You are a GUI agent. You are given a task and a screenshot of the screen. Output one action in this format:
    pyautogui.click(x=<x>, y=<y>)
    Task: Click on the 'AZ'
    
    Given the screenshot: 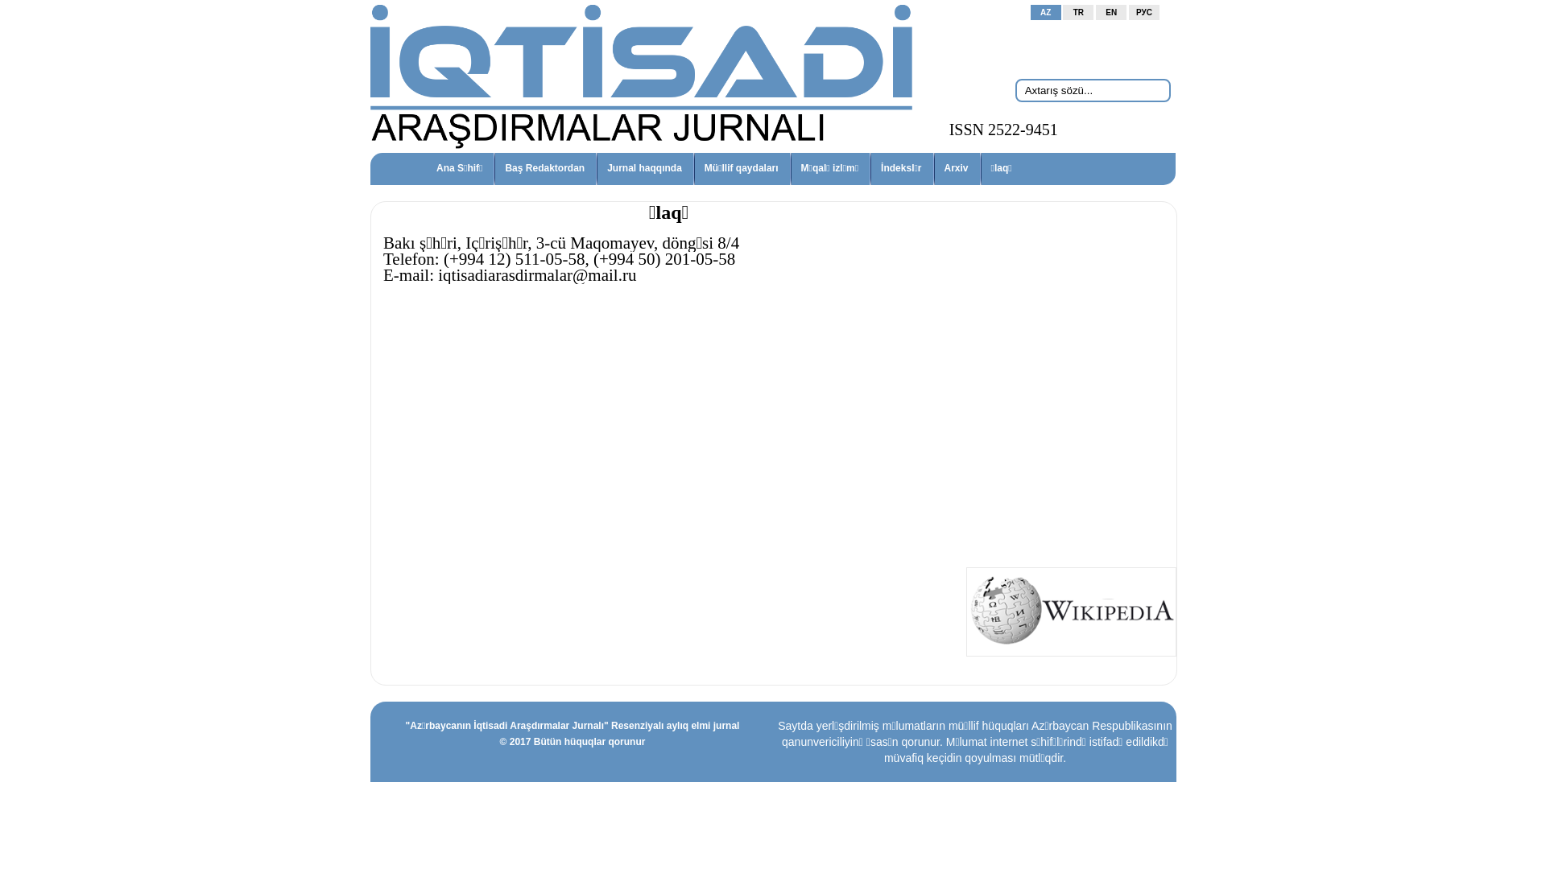 What is the action you would take?
    pyautogui.click(x=1046, y=12)
    